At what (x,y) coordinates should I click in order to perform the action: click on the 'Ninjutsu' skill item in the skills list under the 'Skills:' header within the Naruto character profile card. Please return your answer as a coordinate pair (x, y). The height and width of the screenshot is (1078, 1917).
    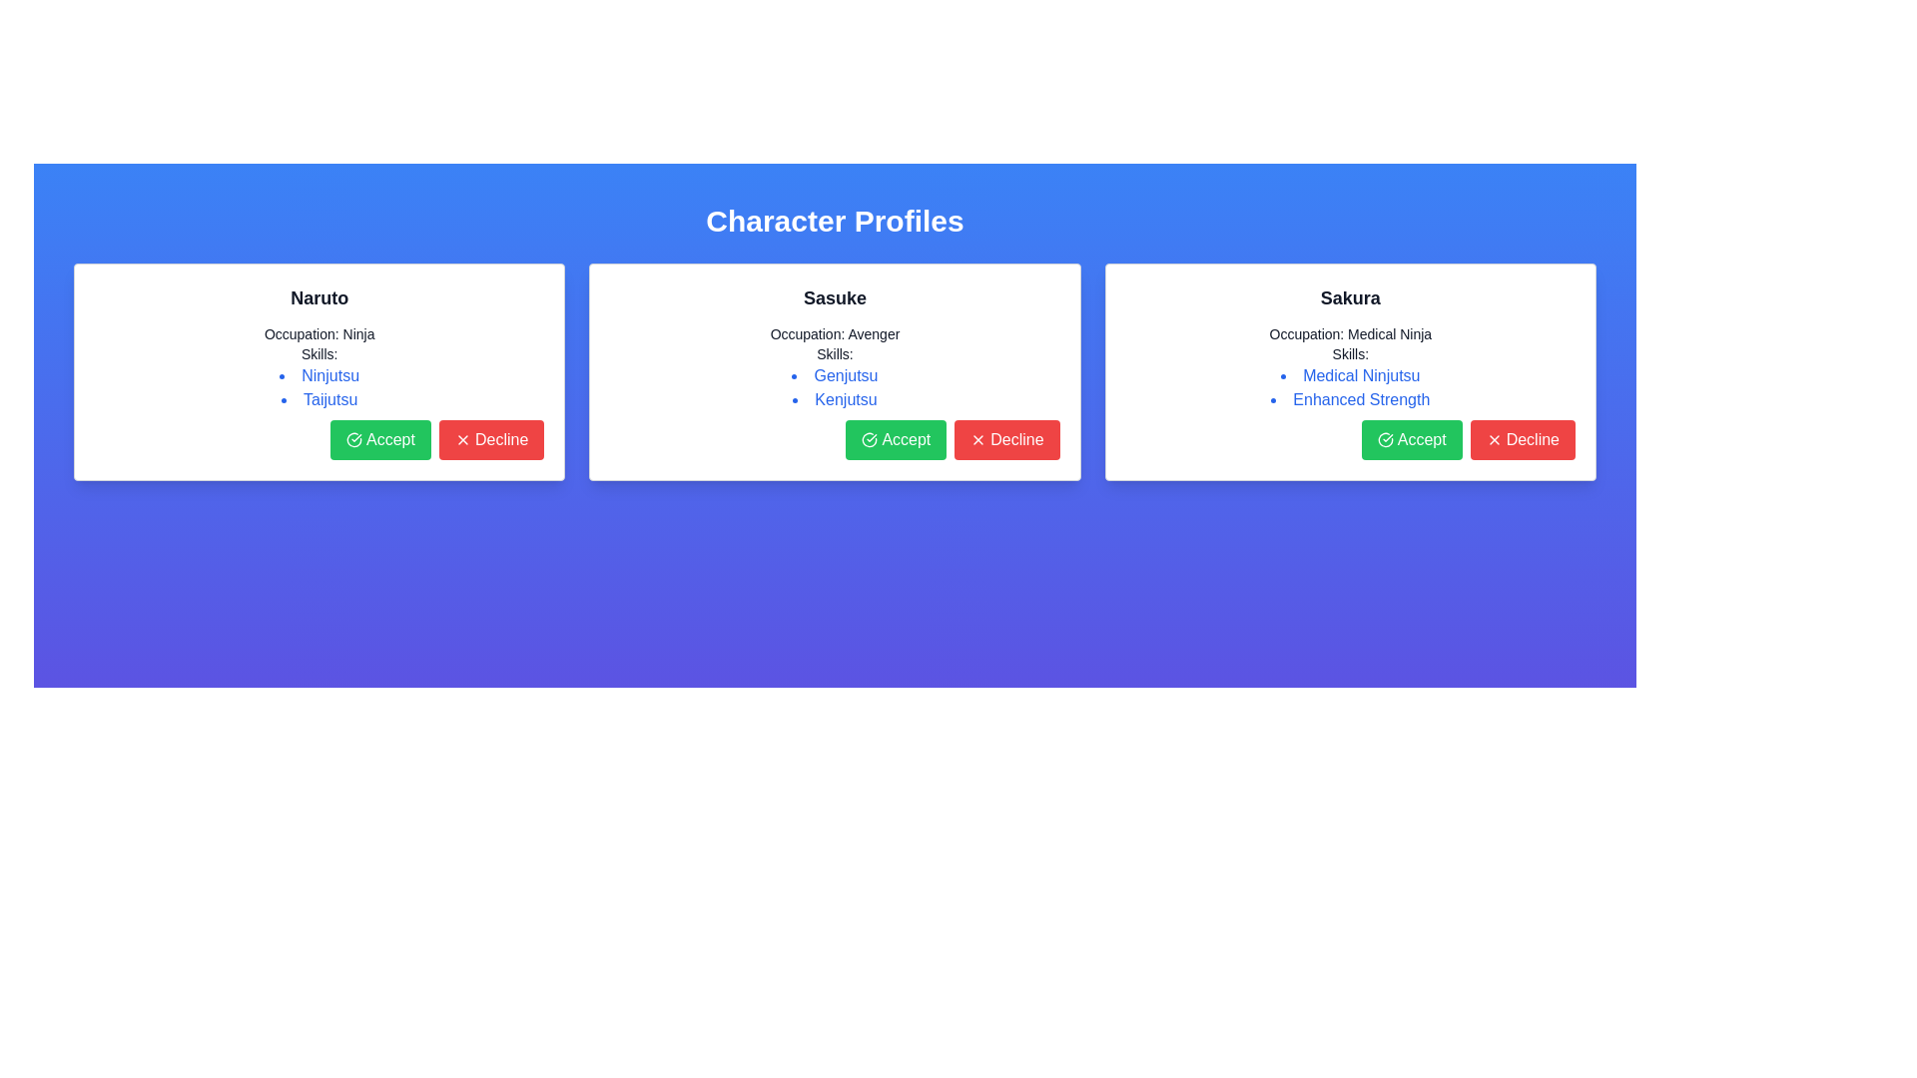
    Looking at the image, I should click on (319, 388).